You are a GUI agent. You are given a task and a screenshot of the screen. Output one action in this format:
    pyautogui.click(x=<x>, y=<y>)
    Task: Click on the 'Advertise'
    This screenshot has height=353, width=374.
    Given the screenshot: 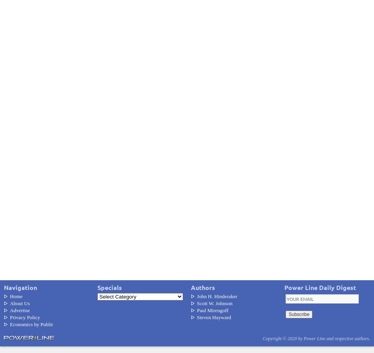 What is the action you would take?
    pyautogui.click(x=19, y=310)
    